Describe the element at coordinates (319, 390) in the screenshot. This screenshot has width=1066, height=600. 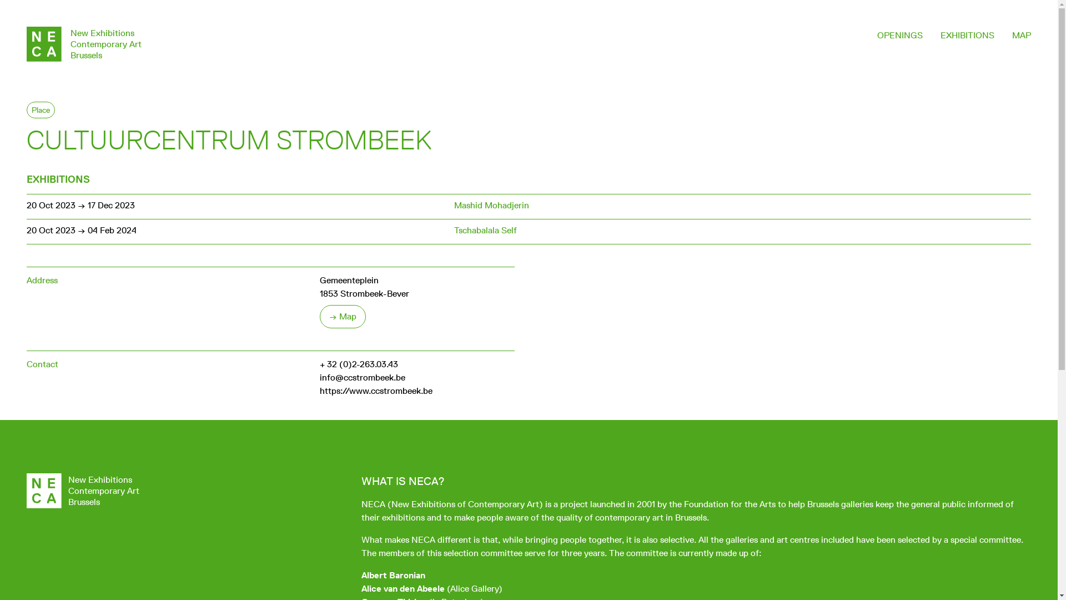
I see `'https://www.ccstrombeek.be'` at that location.